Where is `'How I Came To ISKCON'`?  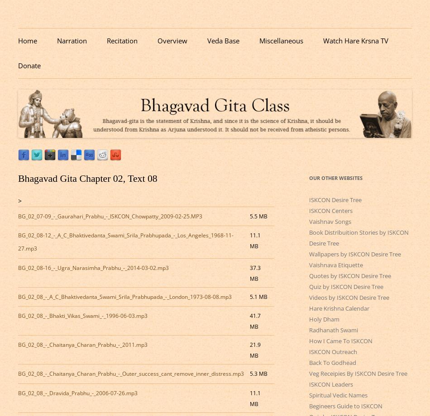
'How I Came To ISKCON' is located at coordinates (340, 341).